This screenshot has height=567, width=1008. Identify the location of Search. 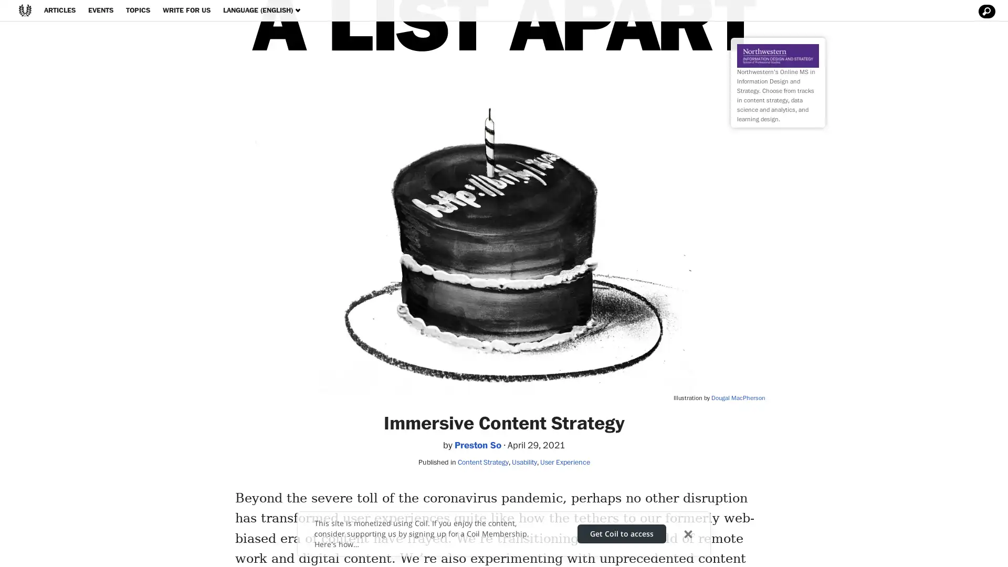
(985, 12).